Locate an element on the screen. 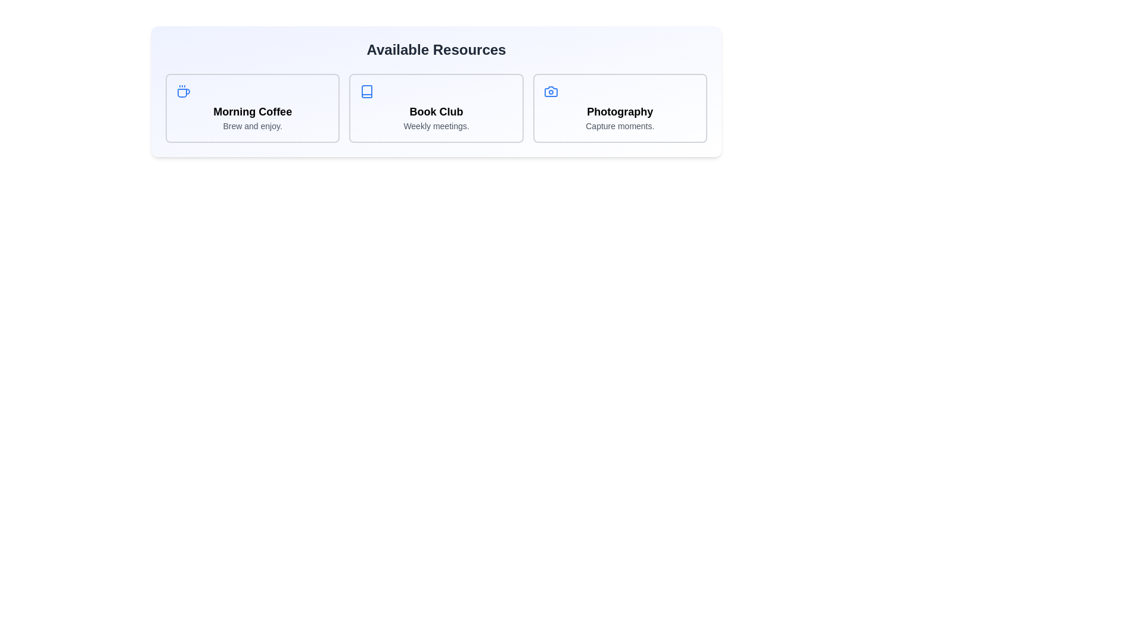 This screenshot has height=643, width=1144. the resource card titled 'Photography' to view its highlight effect is located at coordinates (620, 108).